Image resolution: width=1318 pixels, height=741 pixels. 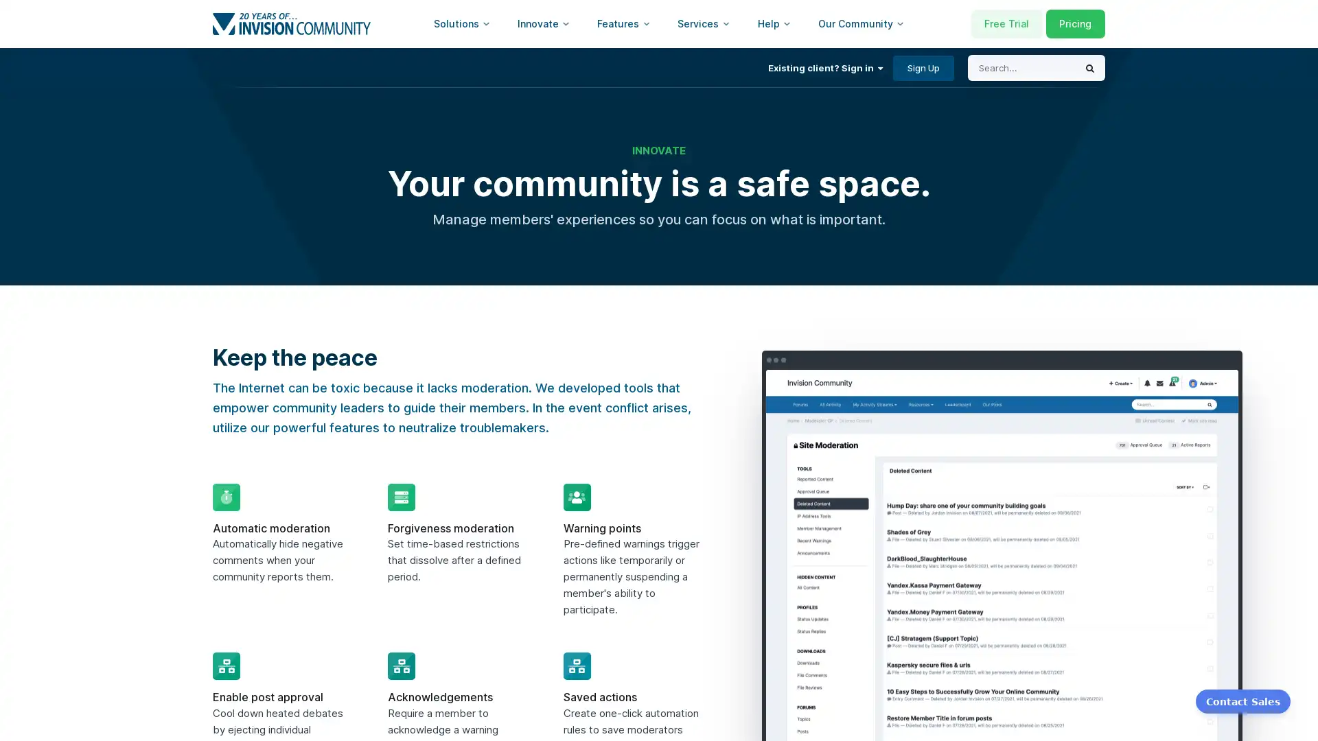 I want to click on Services, so click(x=704, y=23).